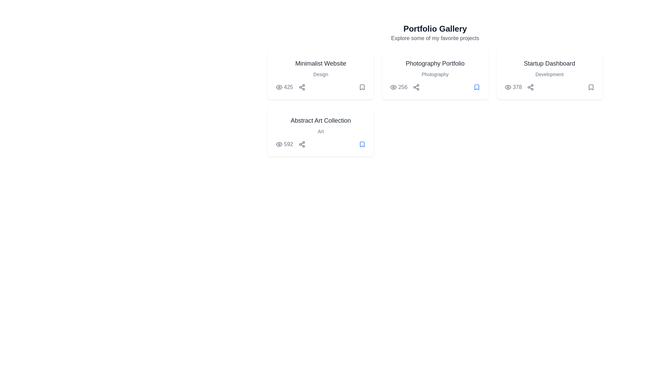 The width and height of the screenshot is (653, 367). Describe the element at coordinates (476, 87) in the screenshot. I see `the blue bookmark icon located at the bottom right of the 'Photography Portfolio' project card to bookmark or unbookmark the project` at that location.